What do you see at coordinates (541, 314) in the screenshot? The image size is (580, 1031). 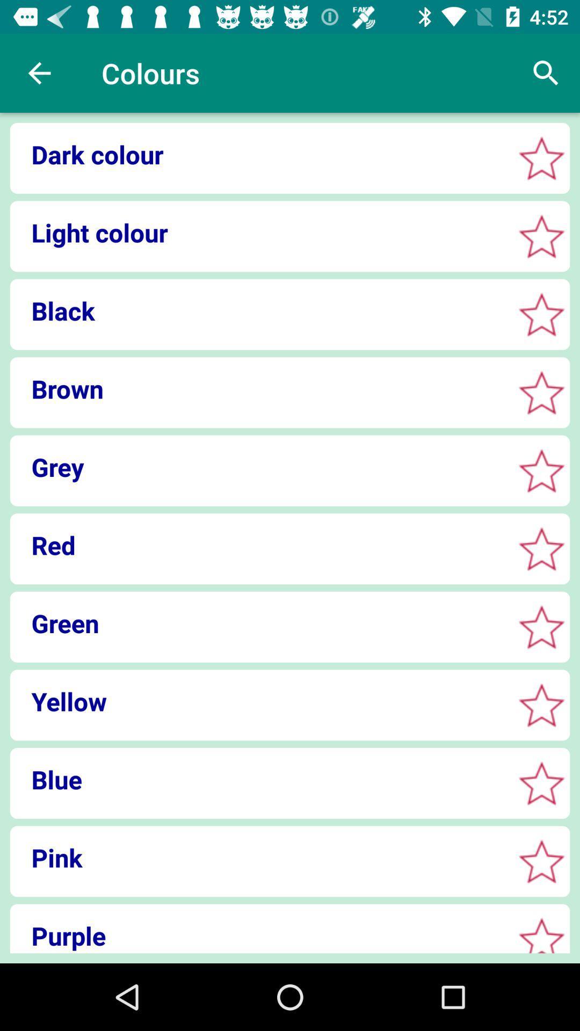 I see `color option` at bounding box center [541, 314].